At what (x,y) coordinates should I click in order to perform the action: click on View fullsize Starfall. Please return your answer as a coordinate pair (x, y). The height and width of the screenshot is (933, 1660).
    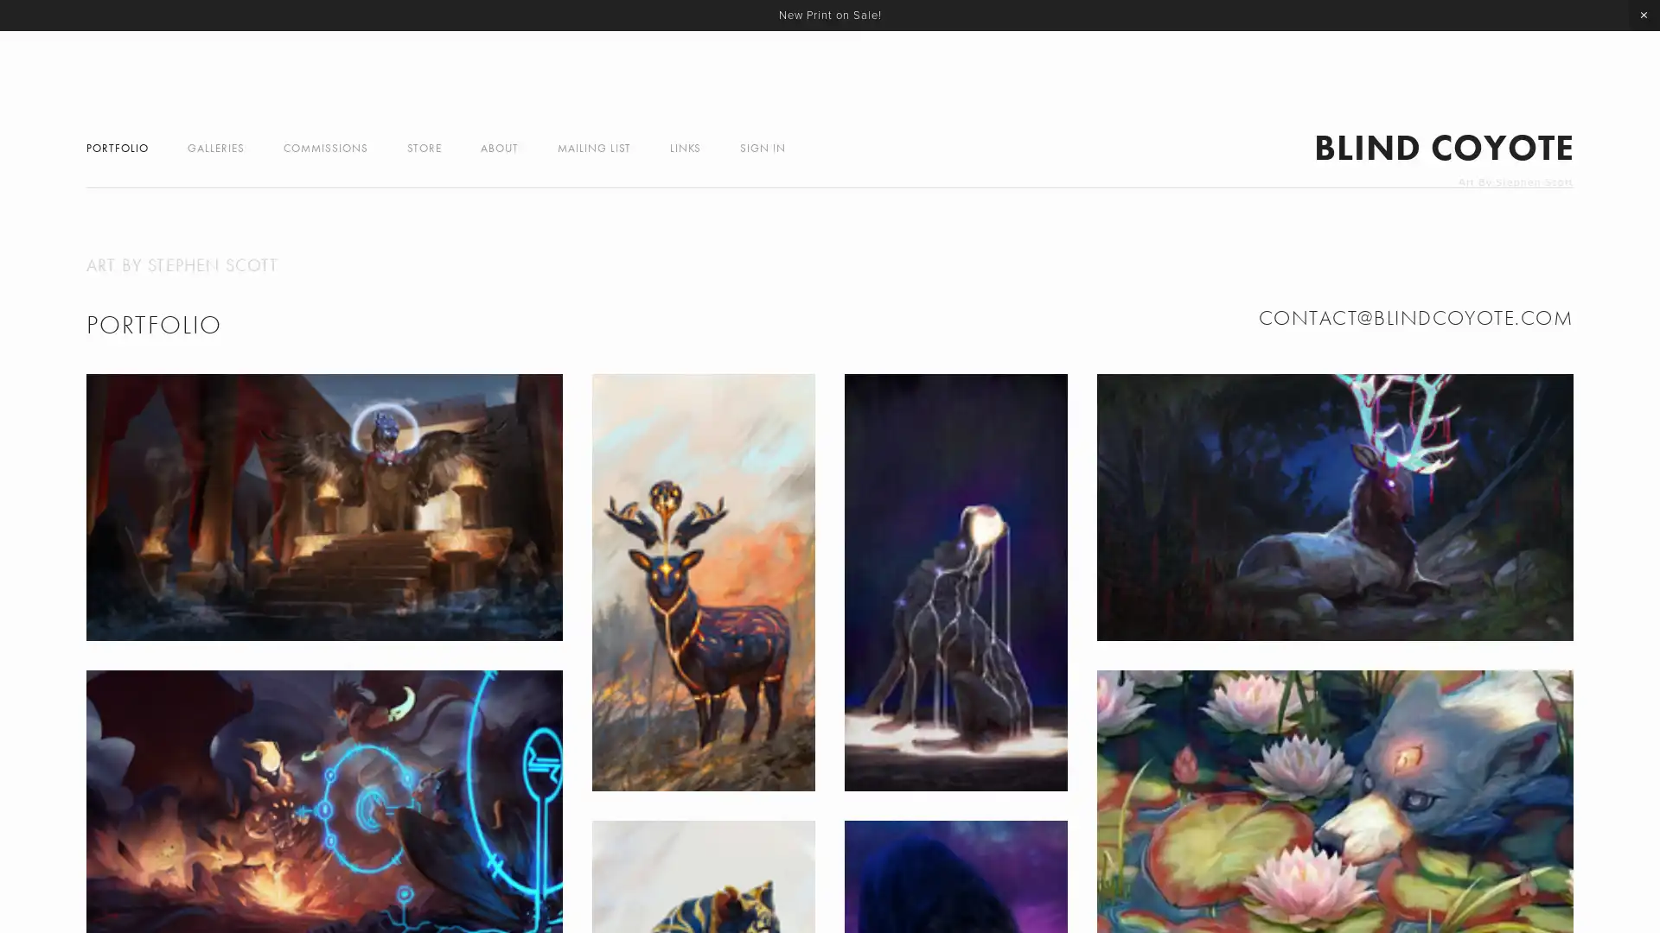
    Looking at the image, I should click on (954, 582).